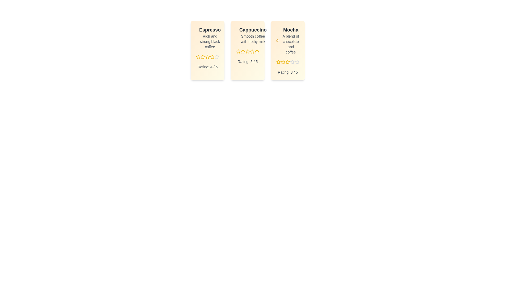 The height and width of the screenshot is (286, 510). What do you see at coordinates (247, 51) in the screenshot?
I see `the menu item card for Cappuccino` at bounding box center [247, 51].